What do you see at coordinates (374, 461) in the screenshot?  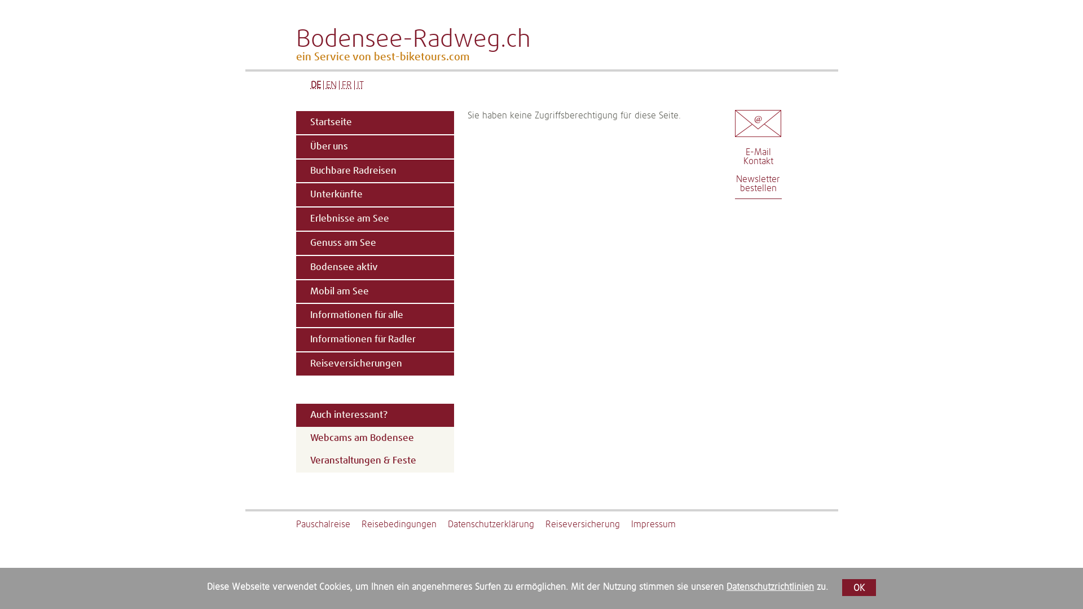 I see `'Veranstaltungen & Feste'` at bounding box center [374, 461].